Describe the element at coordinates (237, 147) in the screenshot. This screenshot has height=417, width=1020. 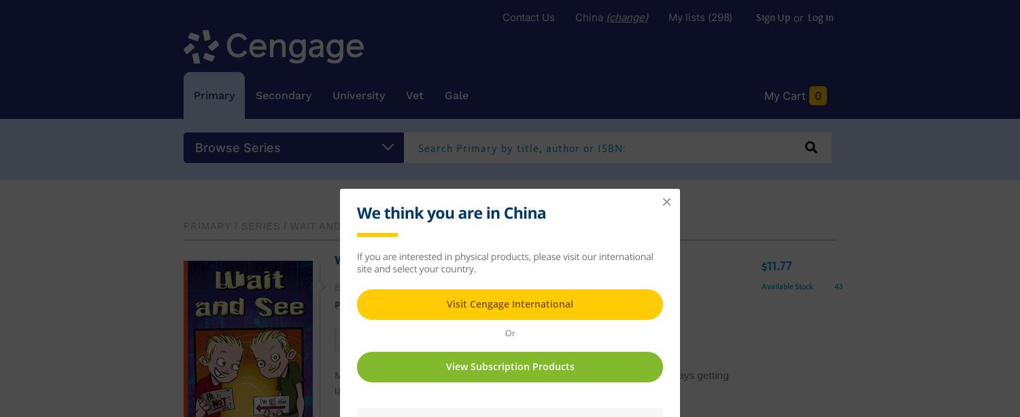
I see `'Browse Series'` at that location.